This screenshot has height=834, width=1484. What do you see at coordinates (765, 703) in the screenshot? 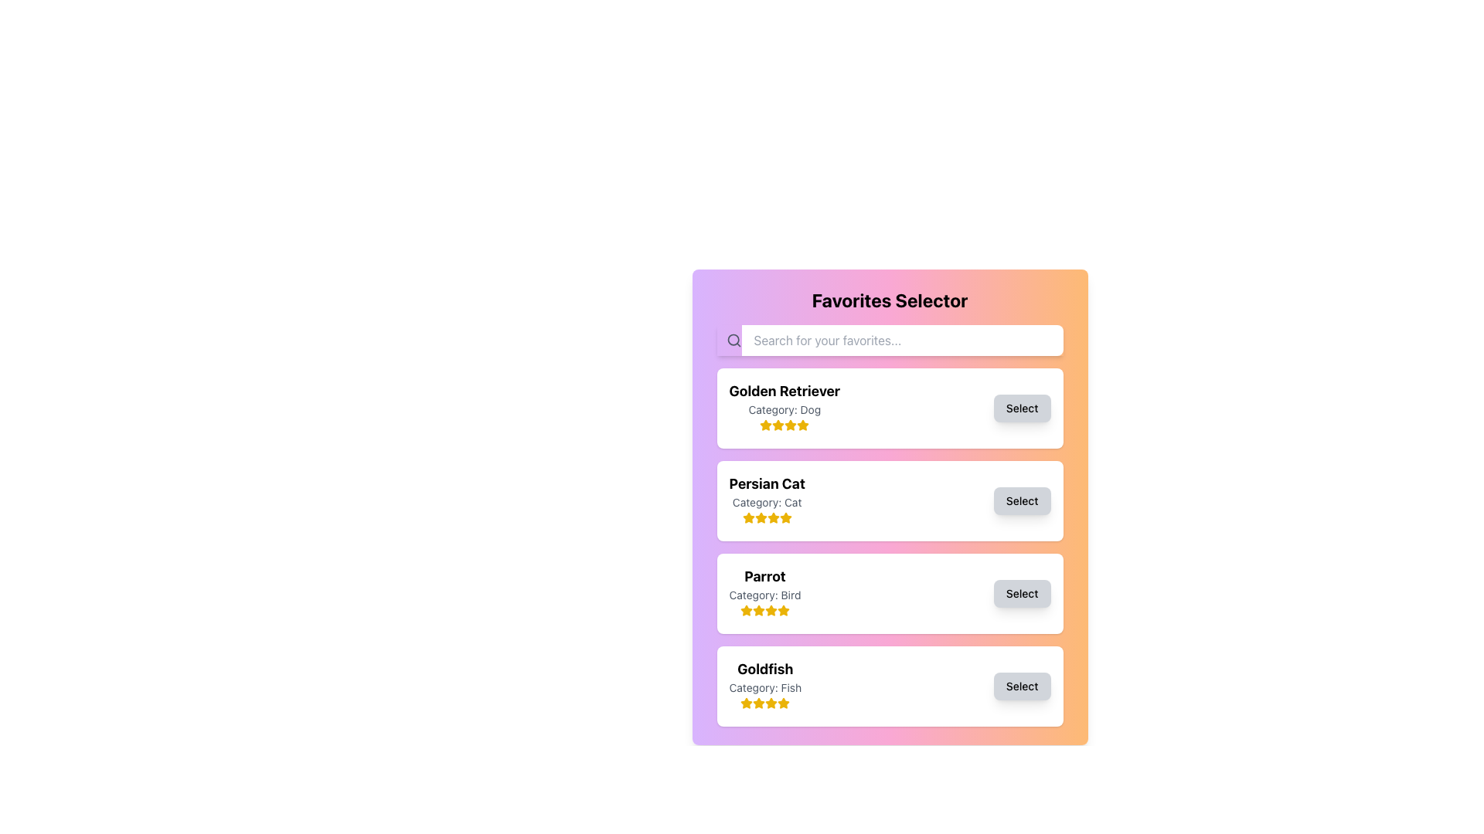
I see `the fourth yellow star in the Rating Star component under the 'Goldfish' header in the 'Favorites Selector' section` at bounding box center [765, 703].